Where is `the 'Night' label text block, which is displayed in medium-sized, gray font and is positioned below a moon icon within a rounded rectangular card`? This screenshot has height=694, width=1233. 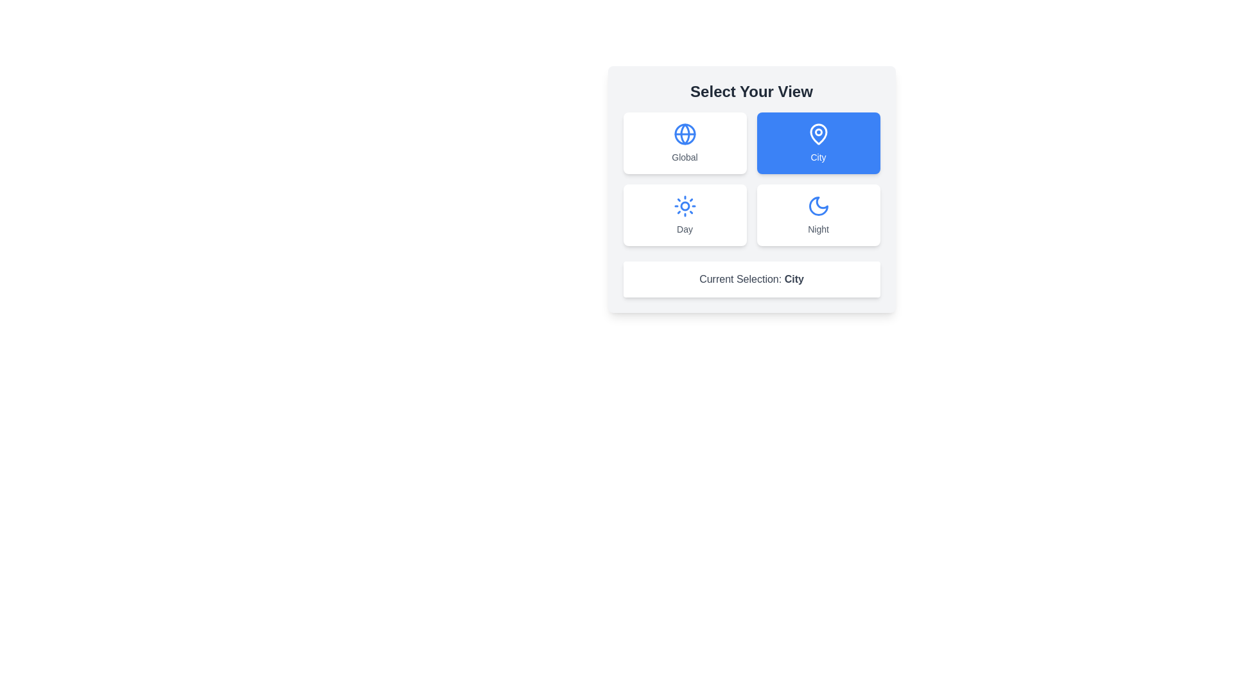 the 'Night' label text block, which is displayed in medium-sized, gray font and is positioned below a moon icon within a rounded rectangular card is located at coordinates (818, 229).